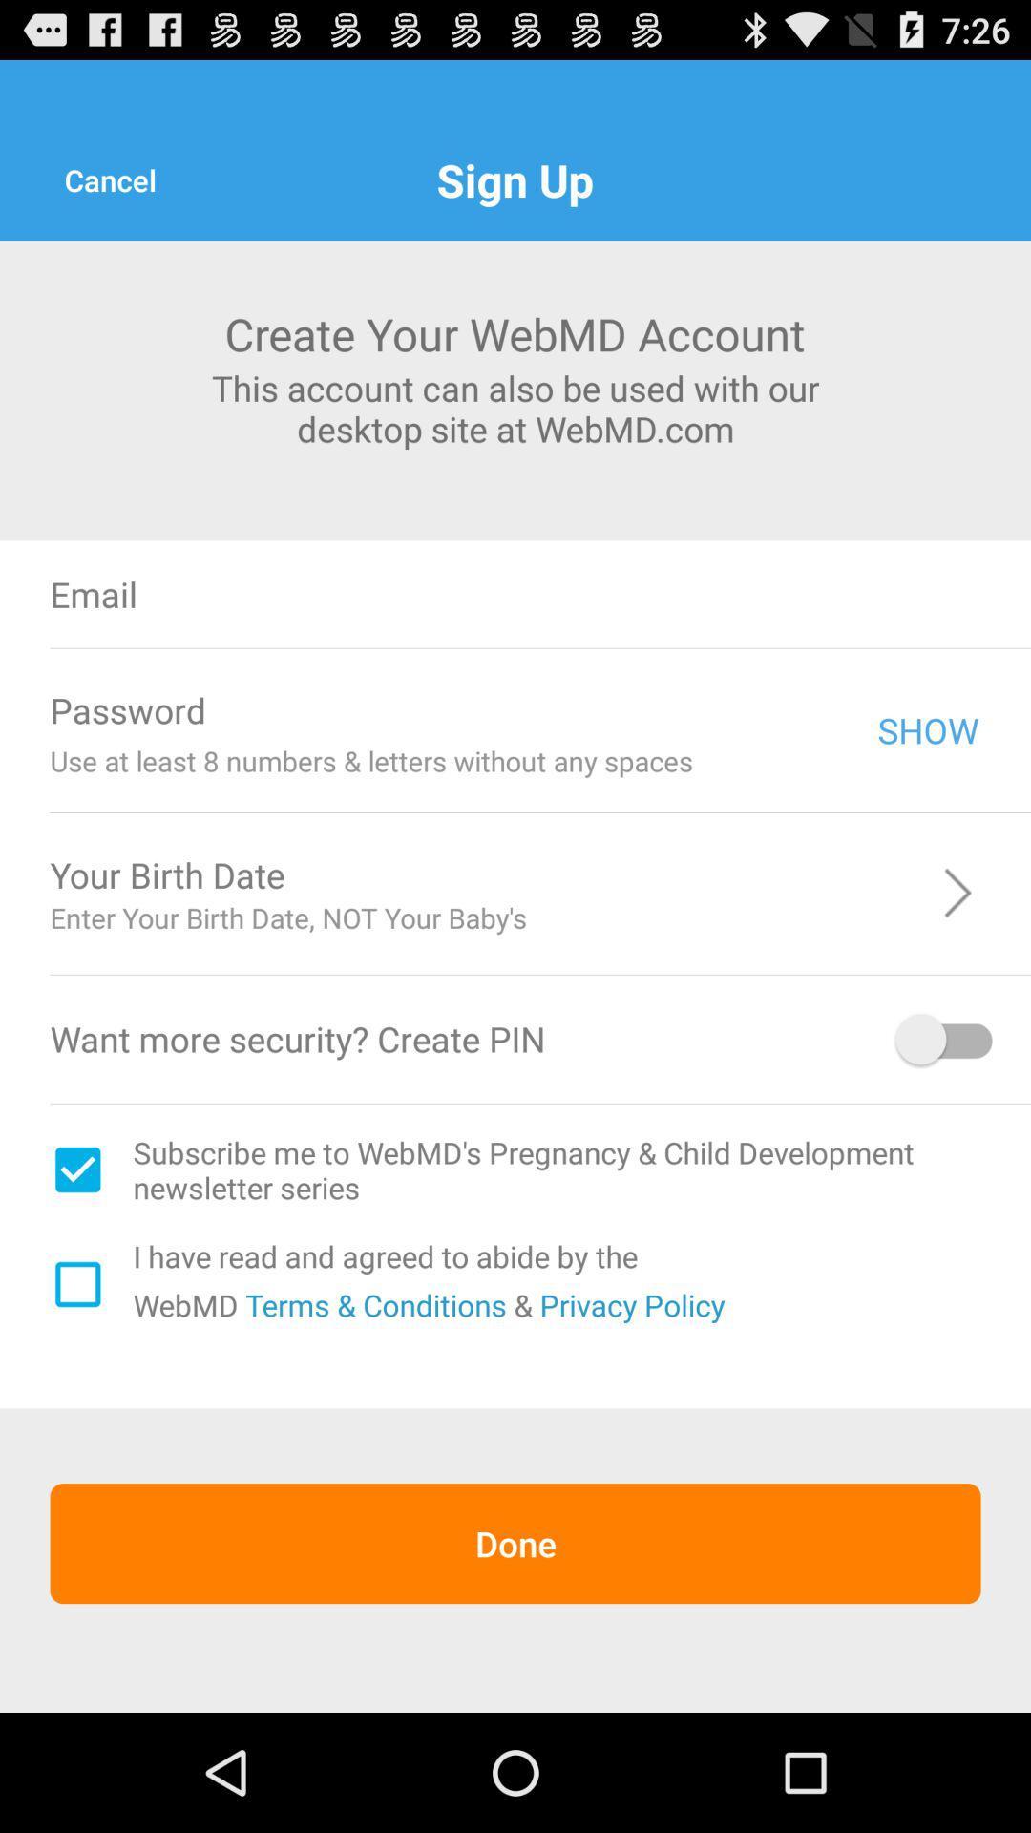 Image resolution: width=1031 pixels, height=1833 pixels. Describe the element at coordinates (638, 593) in the screenshot. I see `type in email` at that location.